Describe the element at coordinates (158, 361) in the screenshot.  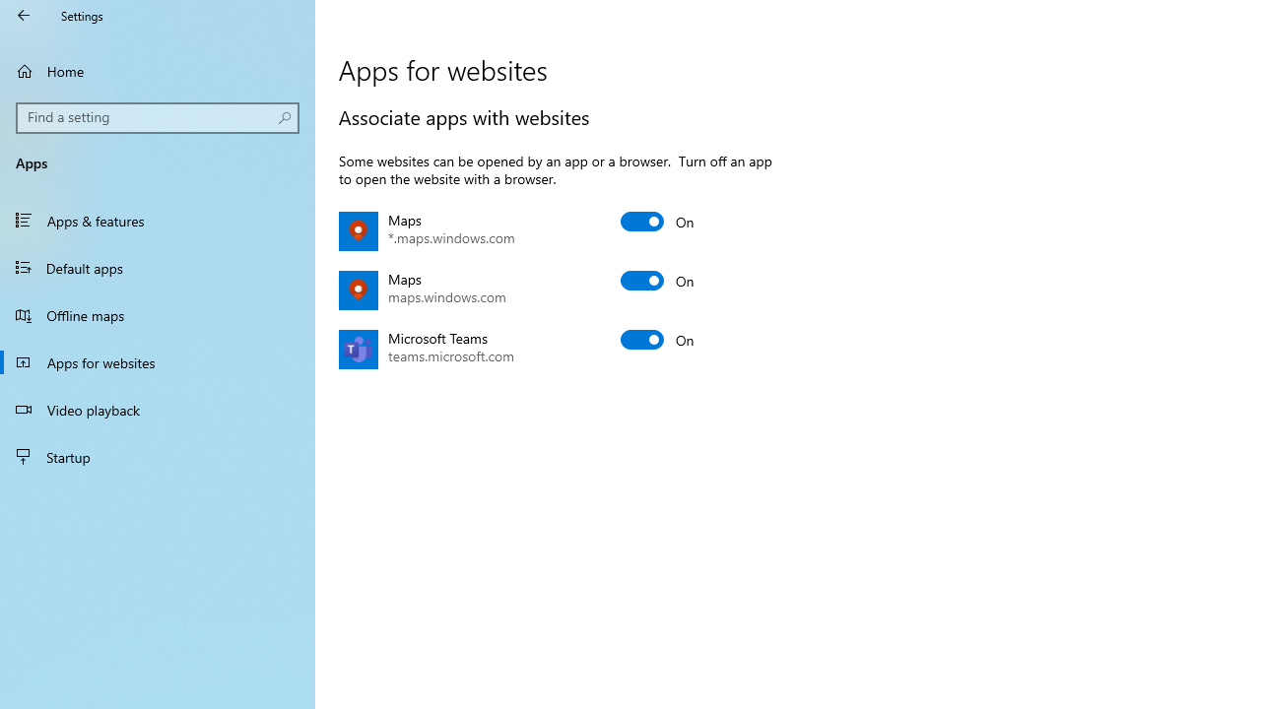
I see `'Apps for websites'` at that location.